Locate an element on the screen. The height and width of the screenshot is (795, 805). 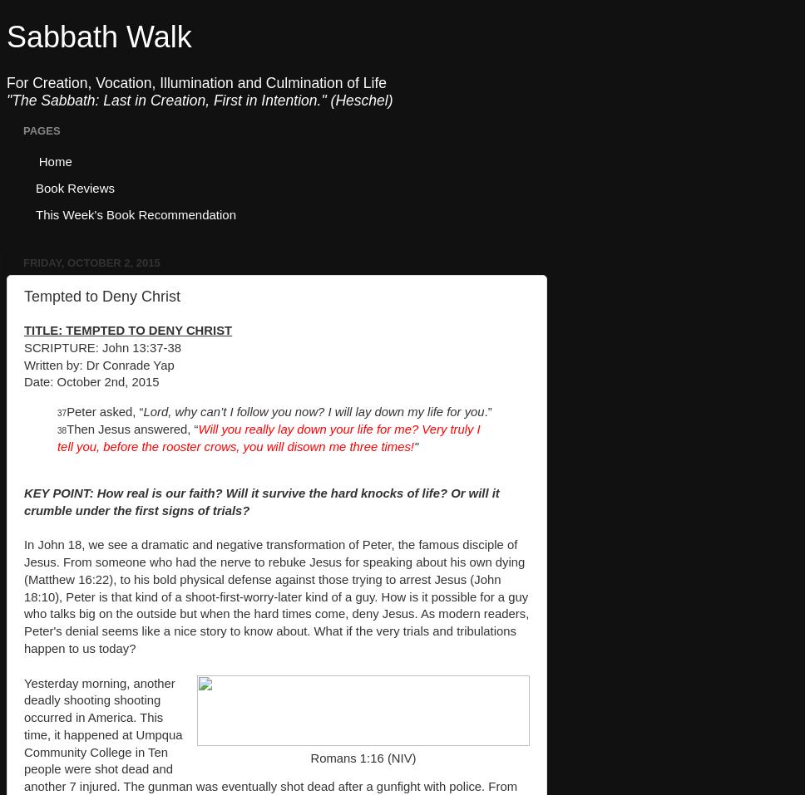
'37' is located at coordinates (57, 412).